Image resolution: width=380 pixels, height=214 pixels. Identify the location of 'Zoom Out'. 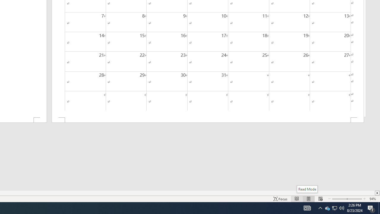
(339, 199).